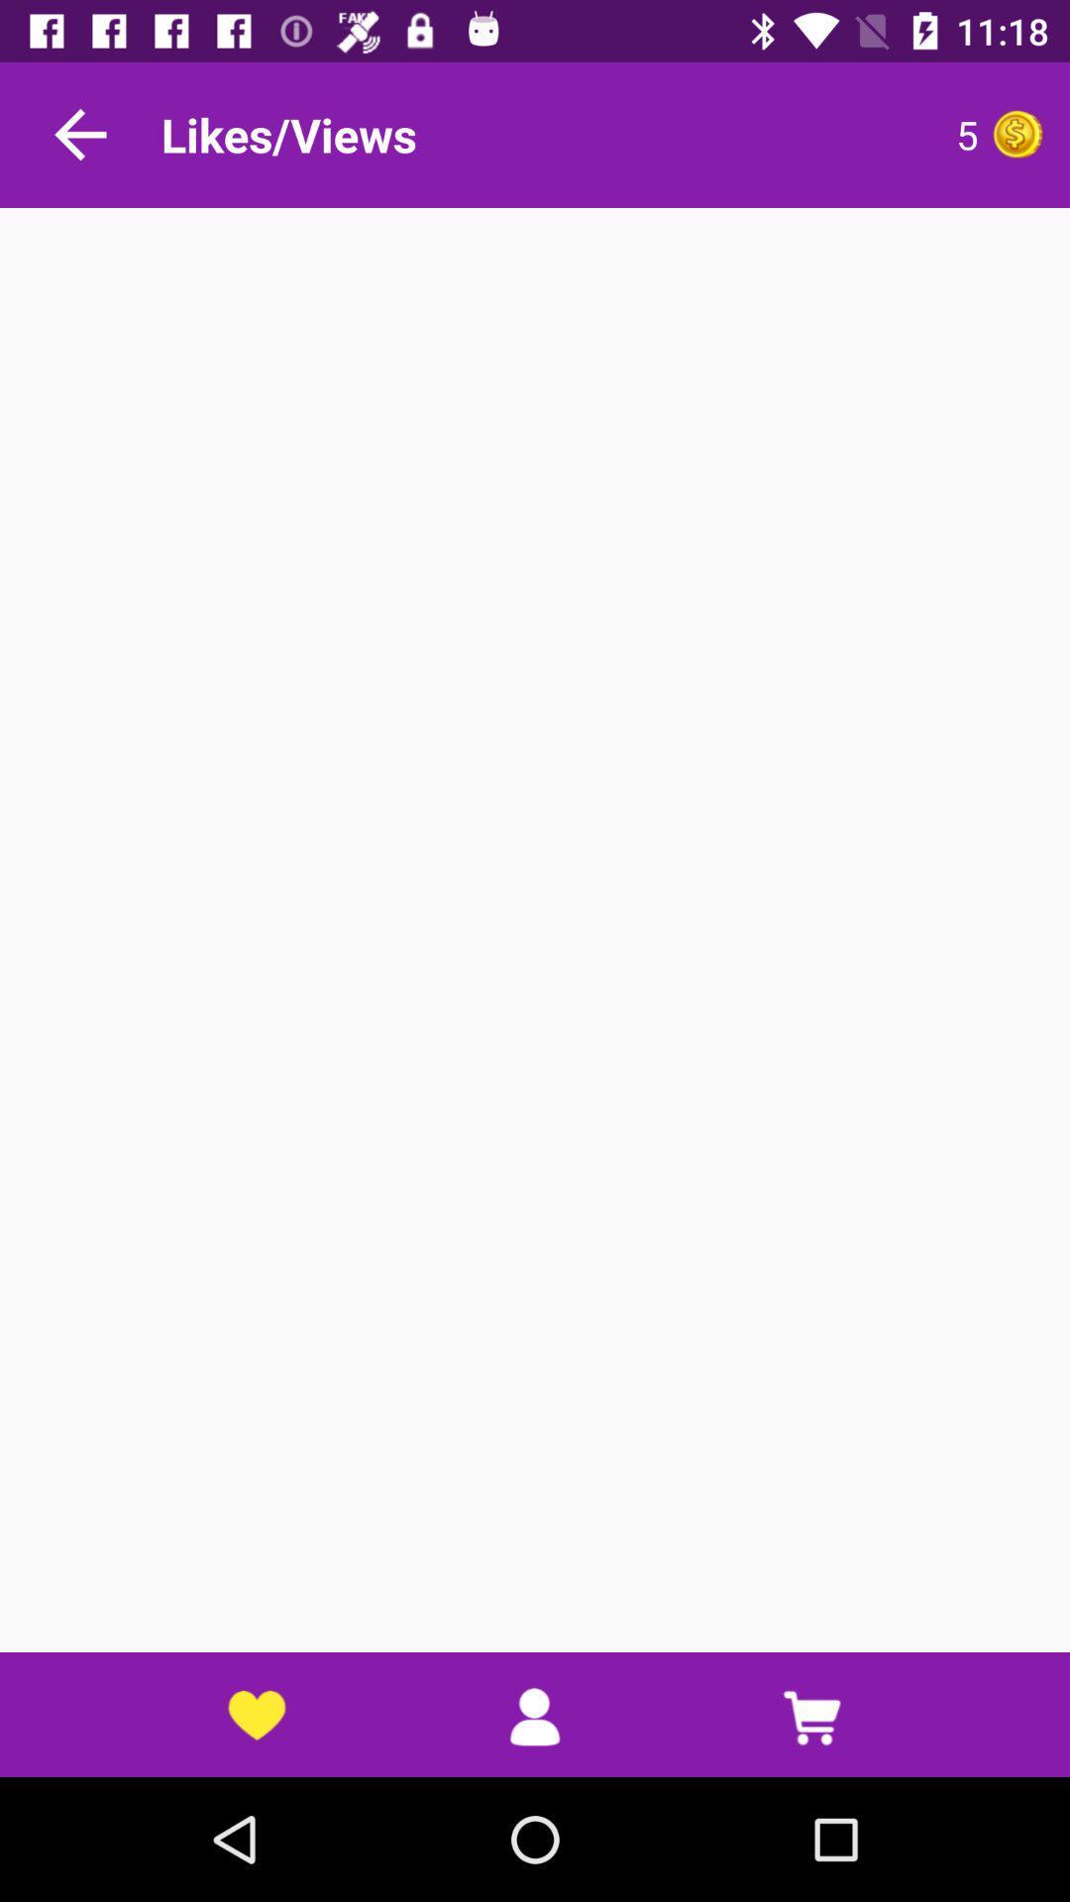 This screenshot has width=1070, height=1902. Describe the element at coordinates (79, 134) in the screenshot. I see `return to previous page` at that location.